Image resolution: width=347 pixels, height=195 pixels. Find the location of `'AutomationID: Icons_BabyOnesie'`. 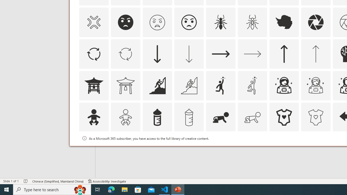

'AutomationID: Icons_BabyOnesie' is located at coordinates (284, 117).